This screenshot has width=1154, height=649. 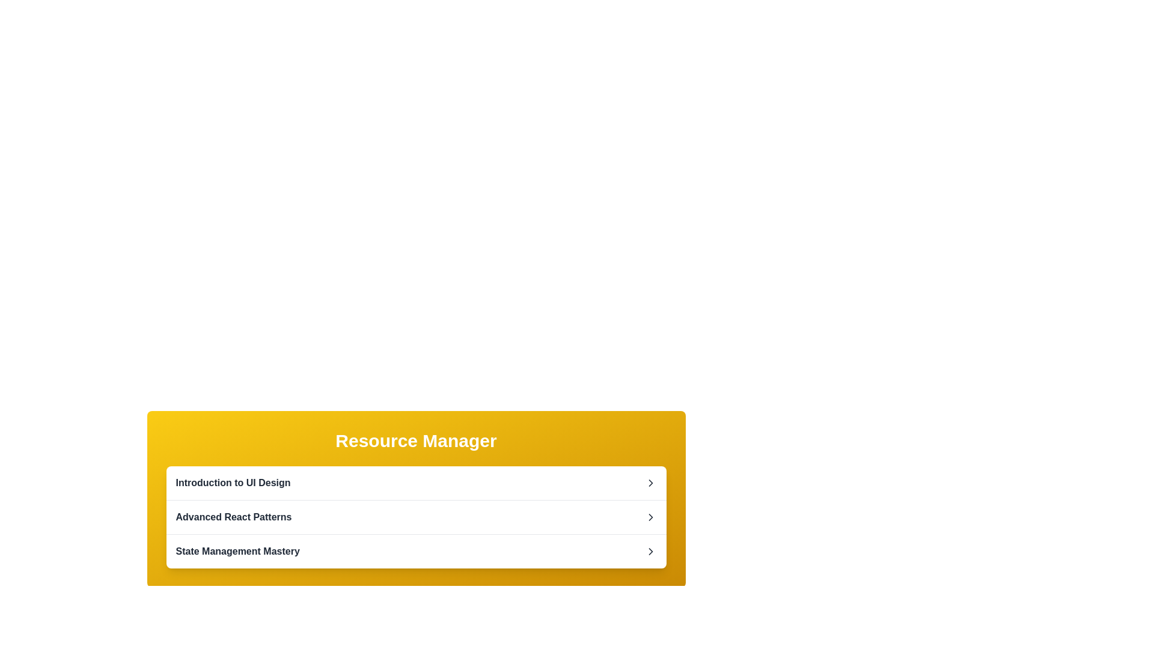 What do you see at coordinates (650, 516) in the screenshot?
I see `the chevron icon at the far right end of the 'Advanced React Patterns' list item in the 'Resource Manager' interface` at bounding box center [650, 516].